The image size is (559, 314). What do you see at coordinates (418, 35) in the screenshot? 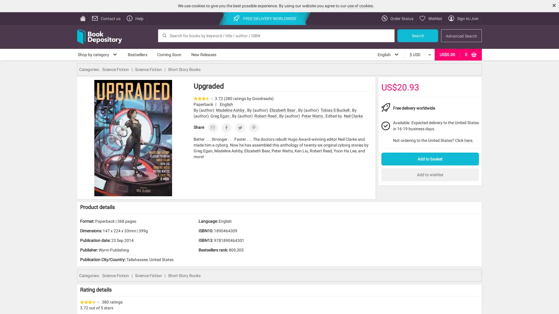
I see `Search` at bounding box center [418, 35].